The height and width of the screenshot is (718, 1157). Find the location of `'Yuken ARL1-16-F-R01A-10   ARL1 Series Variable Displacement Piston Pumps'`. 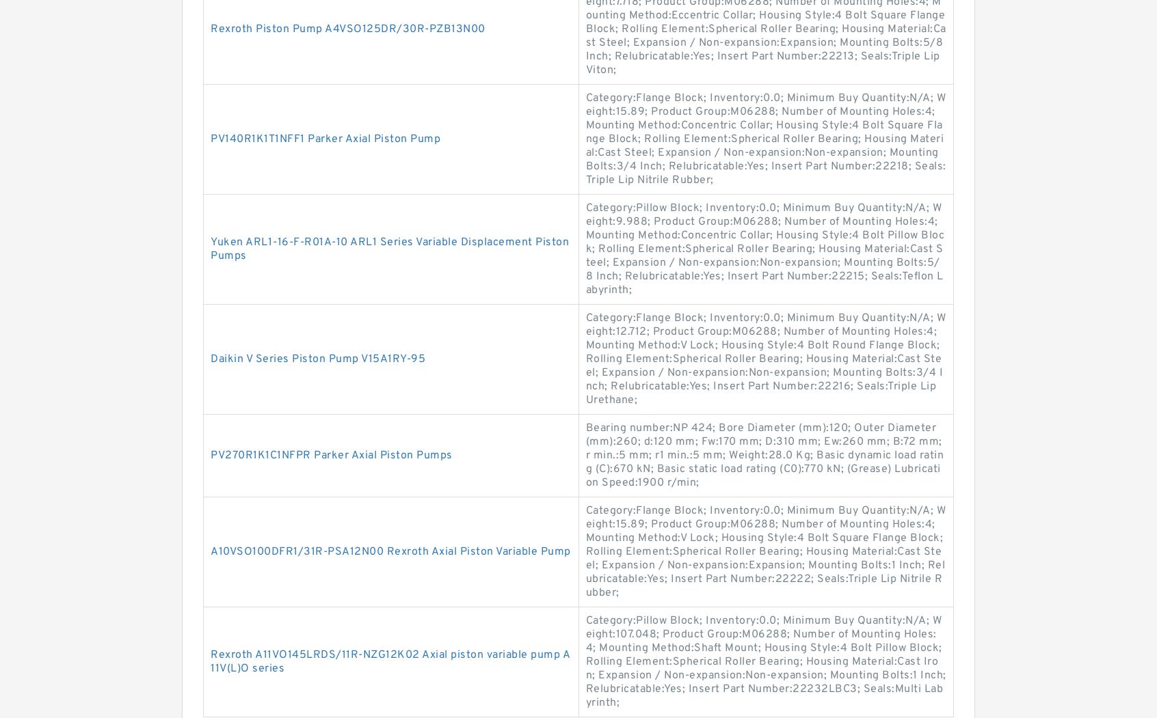

'Yuken ARL1-16-F-R01A-10   ARL1 Series Variable Displacement Piston Pumps' is located at coordinates (209, 249).